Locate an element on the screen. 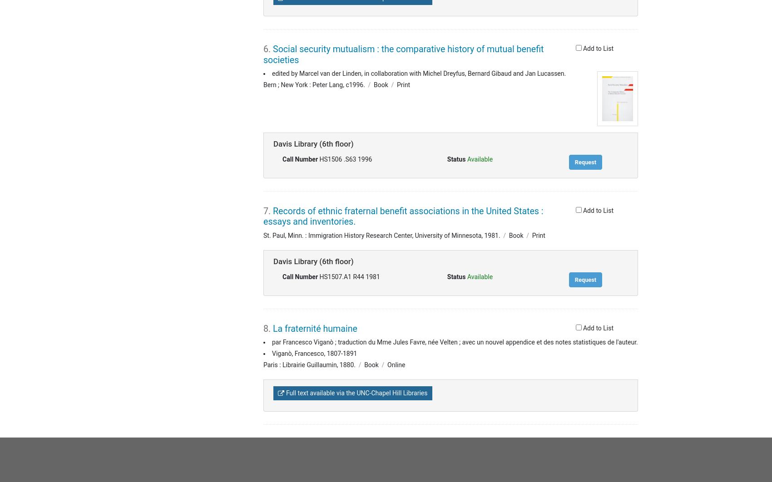  '8.' is located at coordinates (263, 328).